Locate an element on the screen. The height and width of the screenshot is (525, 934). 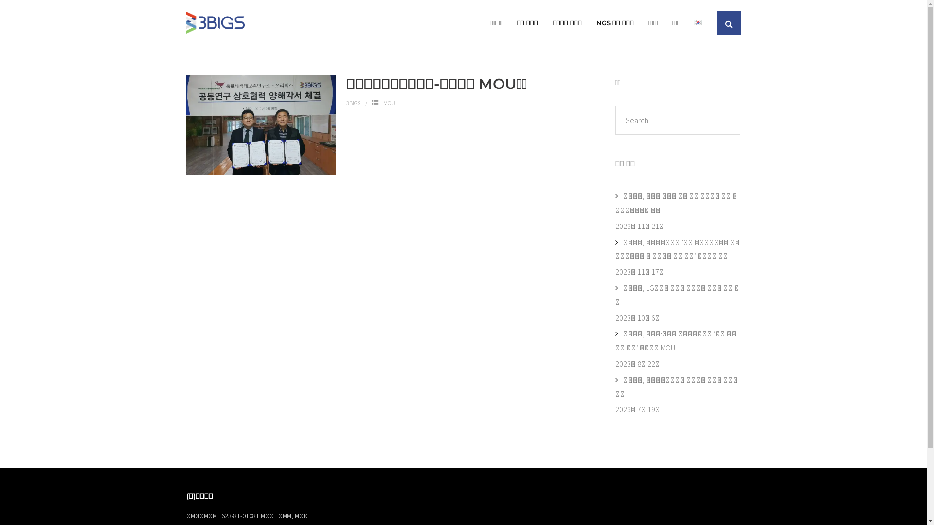
'3BIGS' is located at coordinates (353, 103).